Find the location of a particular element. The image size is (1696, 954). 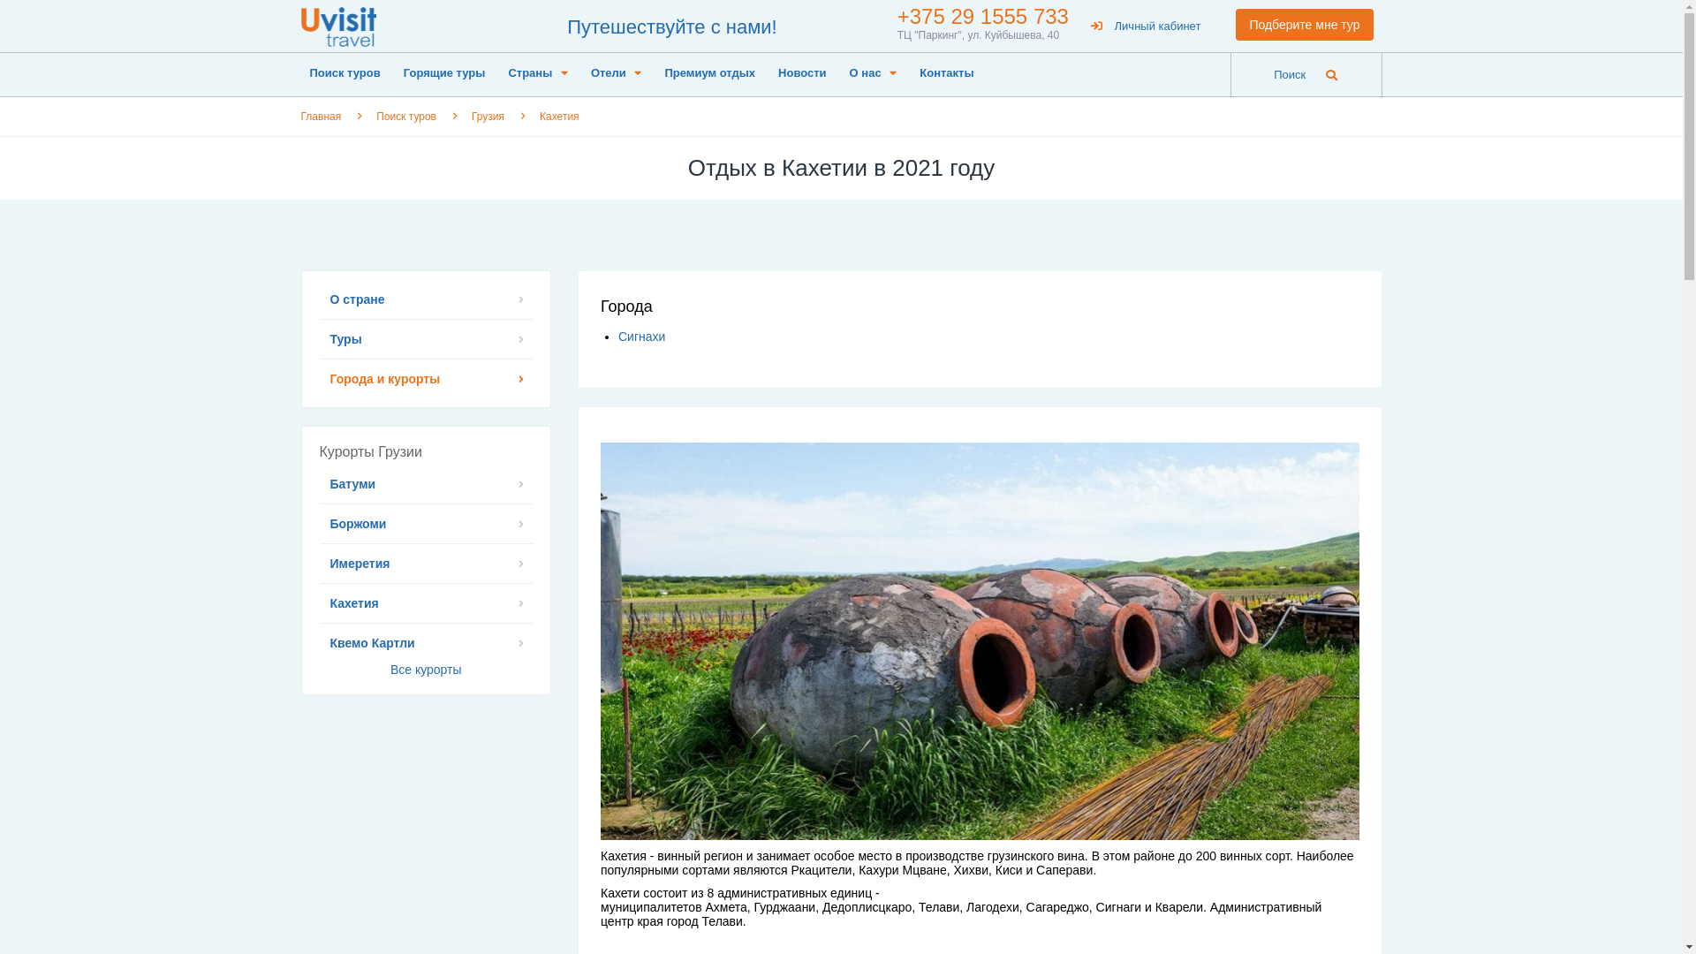

'+375 29 1555 733' is located at coordinates (982, 16).